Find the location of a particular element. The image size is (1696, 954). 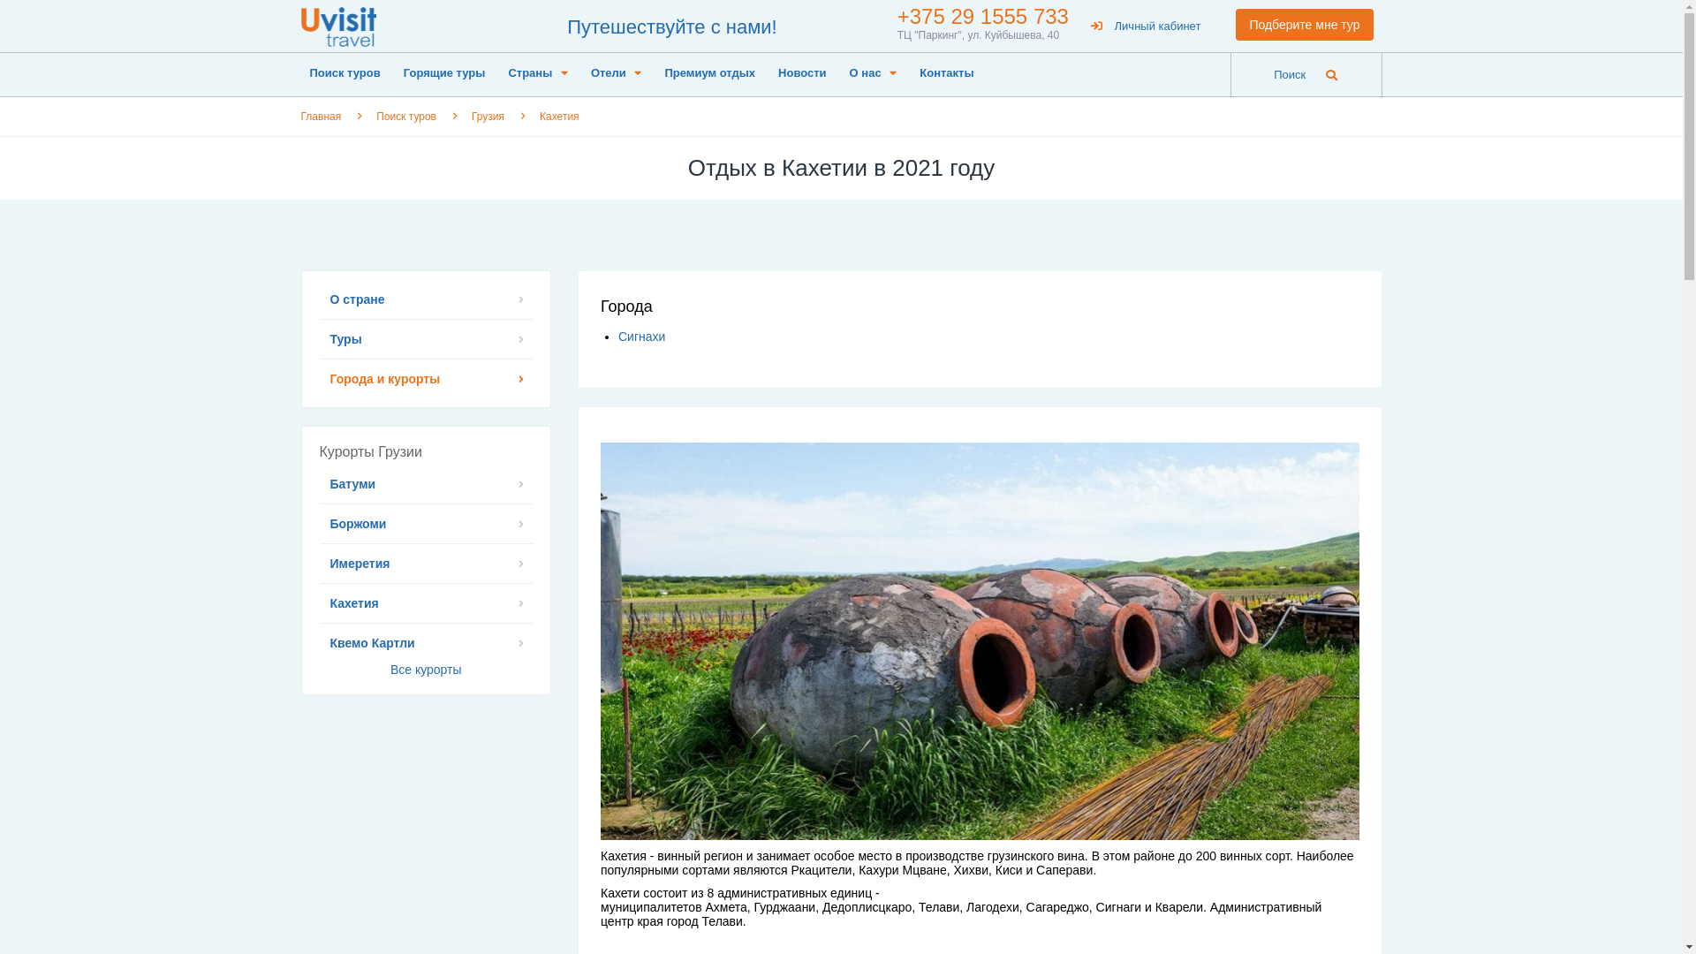

'+375 29 1555 733' is located at coordinates (982, 16).